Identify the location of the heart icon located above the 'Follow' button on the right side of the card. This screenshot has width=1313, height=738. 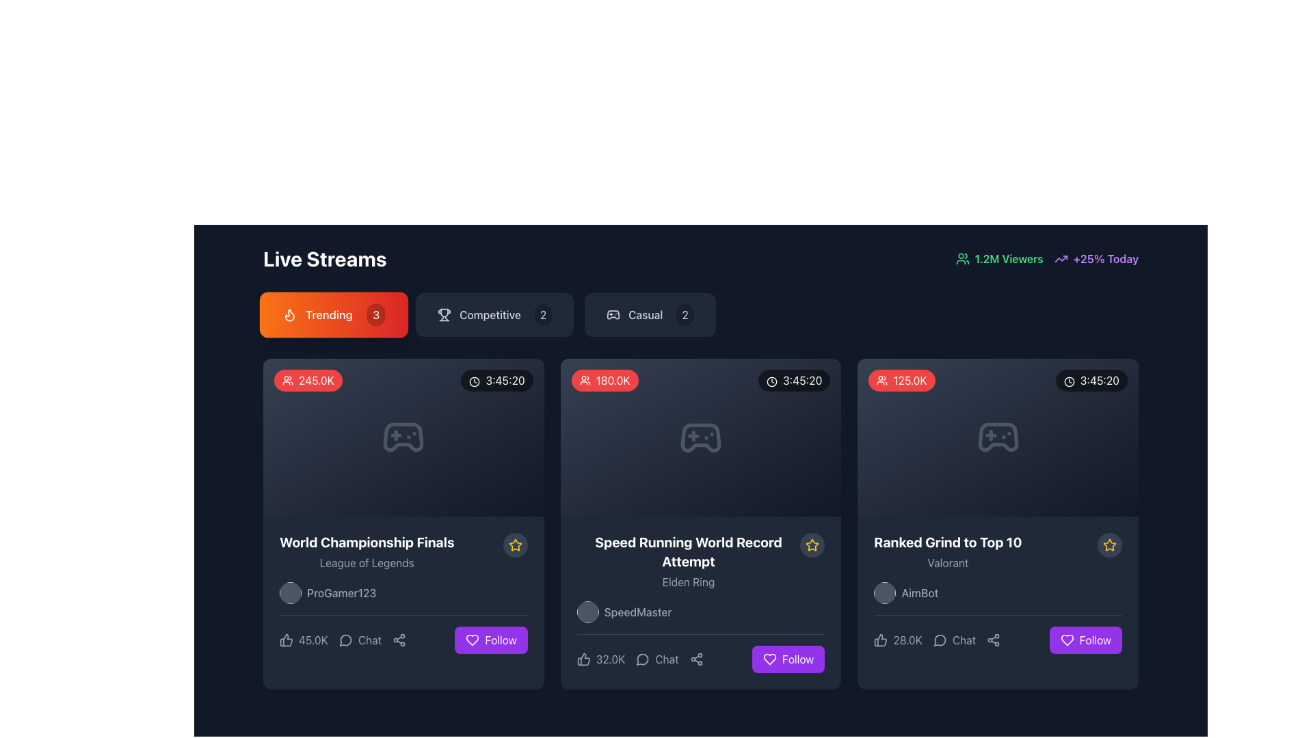
(473, 640).